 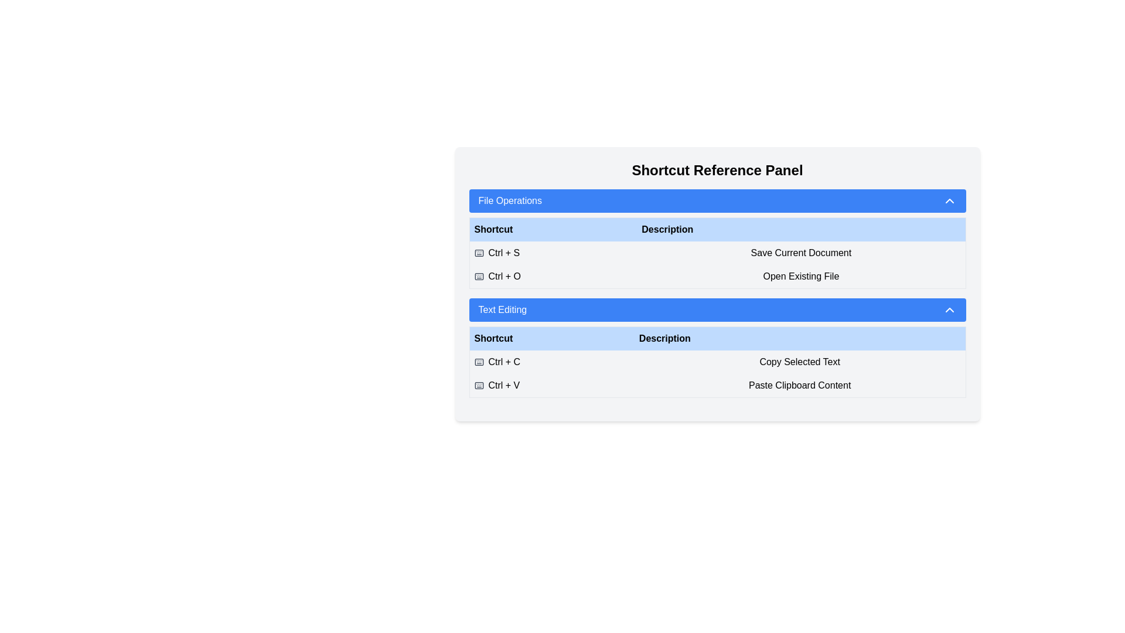 I want to click on the 'Copy Selected Text' label which is aligned to the right of the 'Ctrl + C' shortcut in the 'Text Editing' section of the table, so click(x=799, y=361).